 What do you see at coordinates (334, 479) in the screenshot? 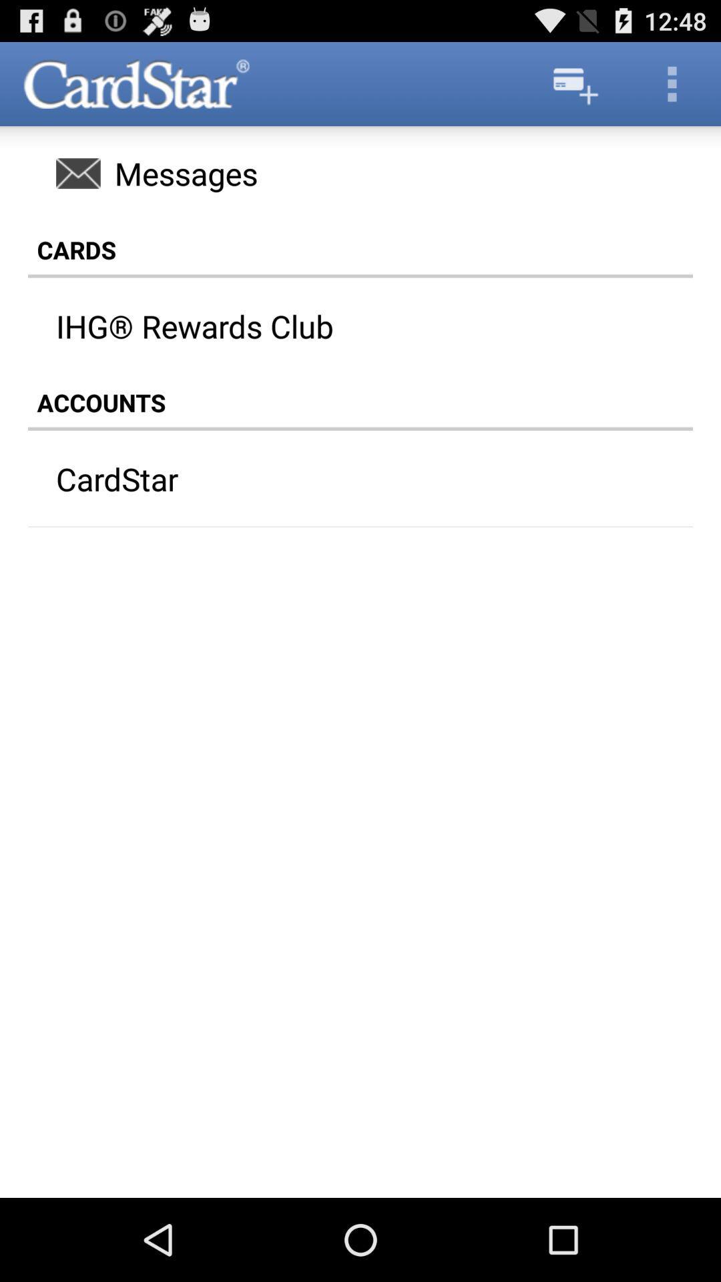
I see `item below the accounts` at bounding box center [334, 479].